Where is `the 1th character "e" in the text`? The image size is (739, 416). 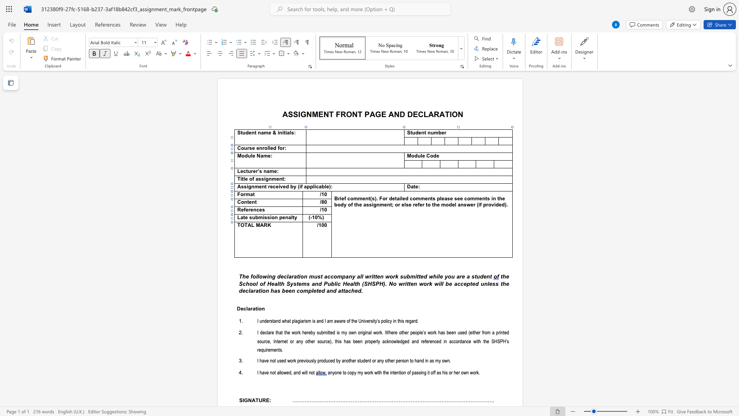 the 1th character "e" in the text is located at coordinates (419, 132).